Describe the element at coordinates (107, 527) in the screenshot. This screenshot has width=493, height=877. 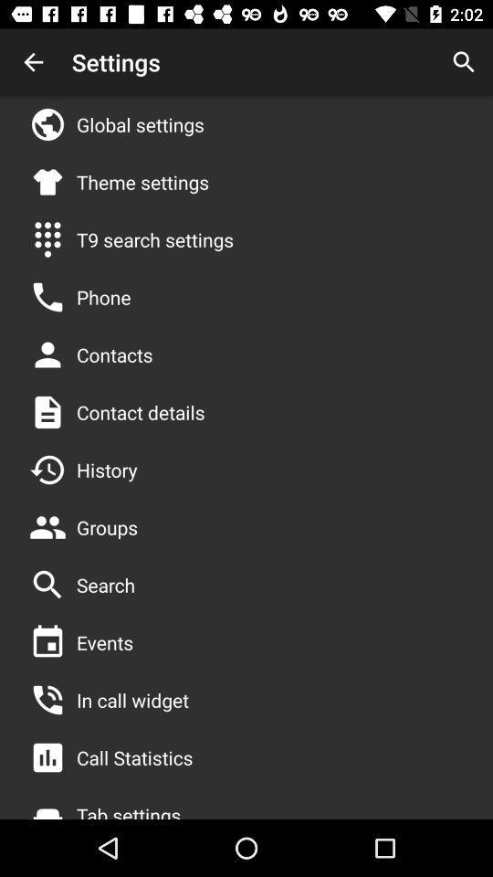
I see `the groups icon` at that location.